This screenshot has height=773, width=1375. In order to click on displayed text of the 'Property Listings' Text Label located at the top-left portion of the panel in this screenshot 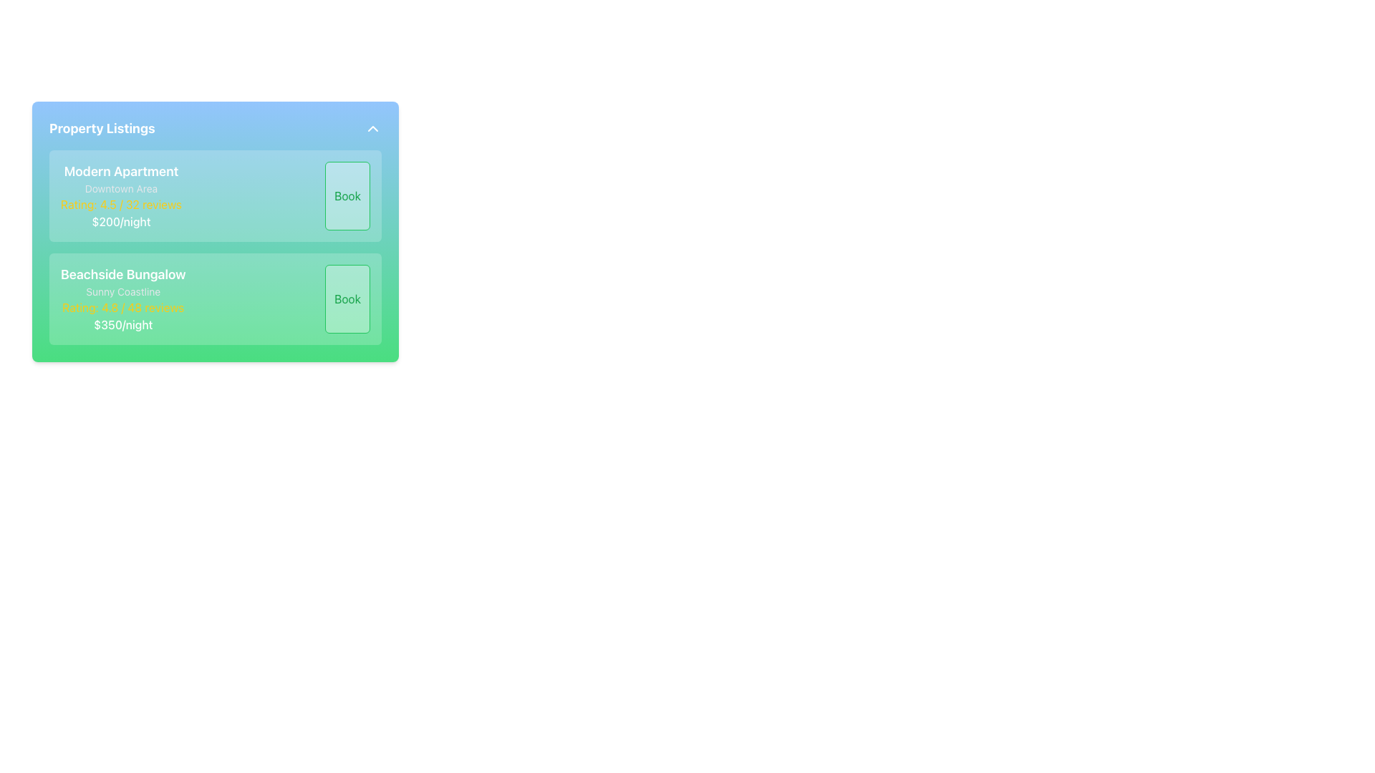, I will do `click(101, 129)`.